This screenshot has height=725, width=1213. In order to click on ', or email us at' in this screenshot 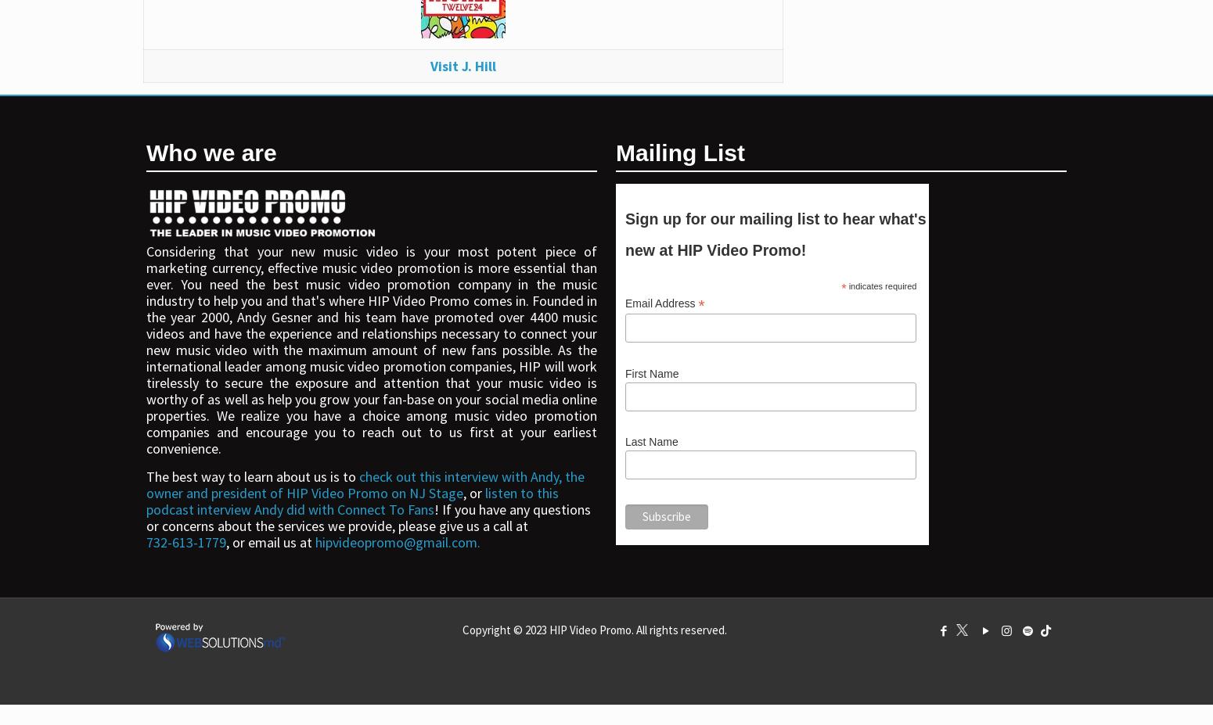, I will do `click(269, 540)`.